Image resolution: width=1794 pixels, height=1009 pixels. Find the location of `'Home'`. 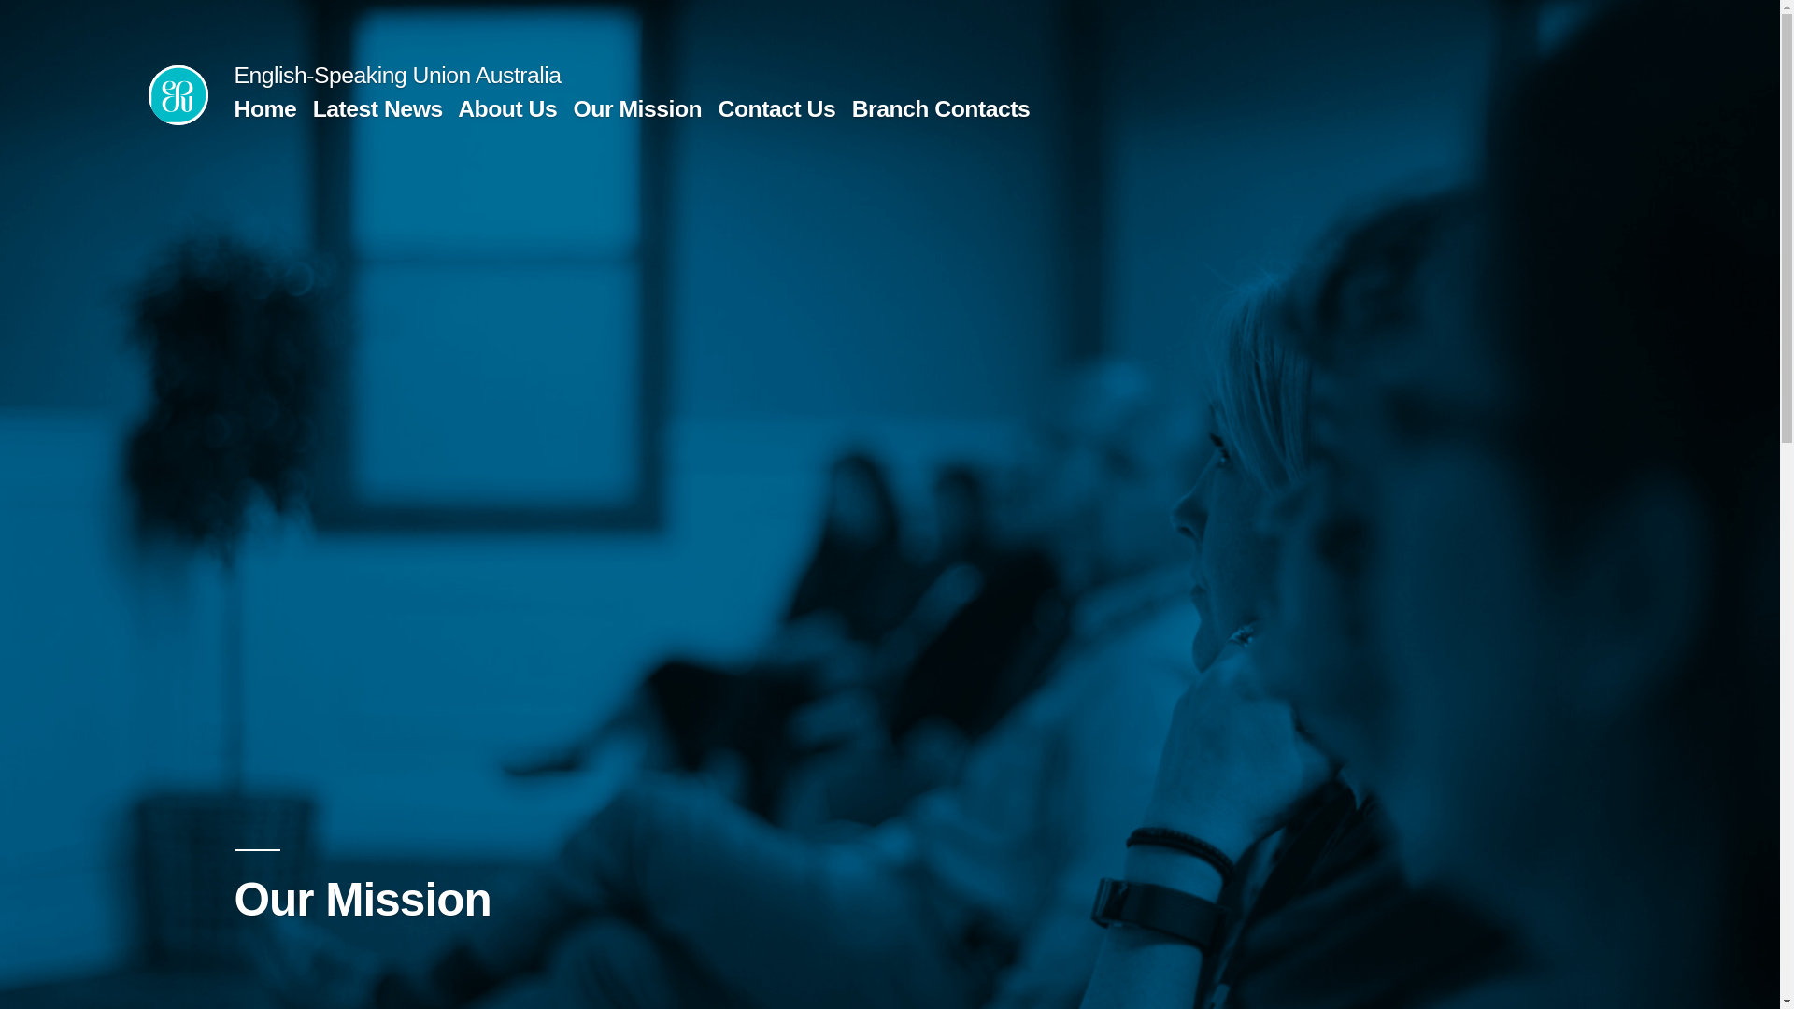

'Home' is located at coordinates (263, 108).